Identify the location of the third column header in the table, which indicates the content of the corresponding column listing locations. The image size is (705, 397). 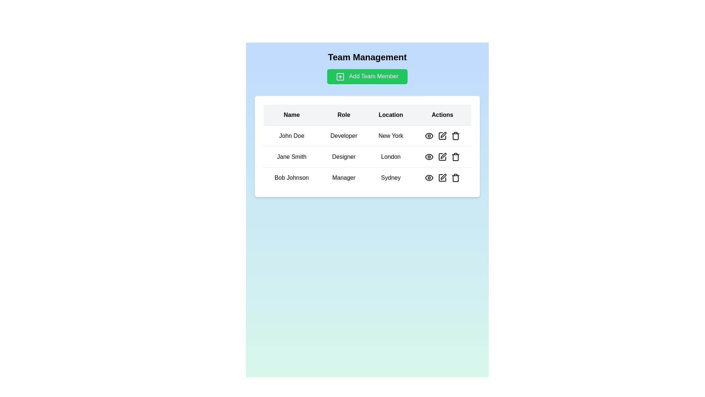
(390, 115).